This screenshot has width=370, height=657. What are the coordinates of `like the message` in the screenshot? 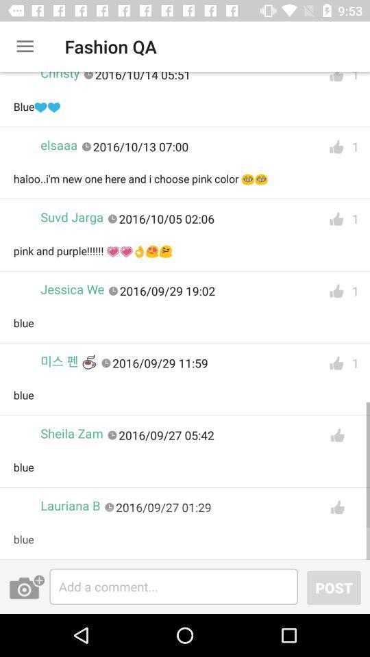 It's located at (336, 291).